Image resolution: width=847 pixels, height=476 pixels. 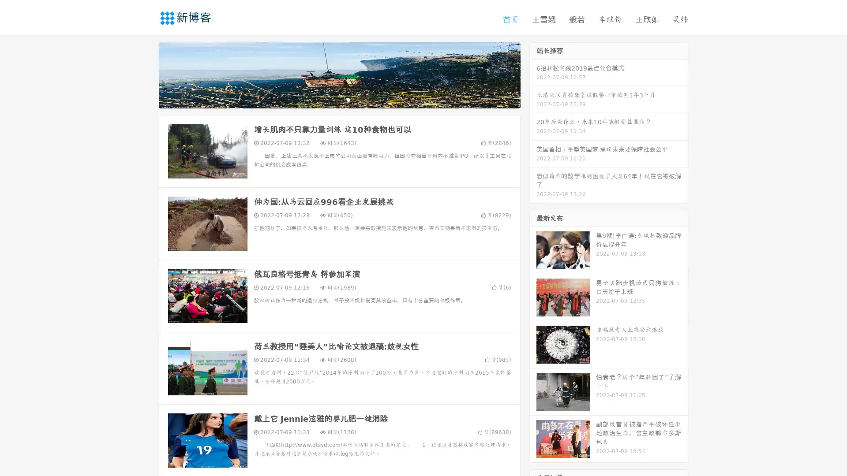 I want to click on Go to slide 1, so click(x=330, y=99).